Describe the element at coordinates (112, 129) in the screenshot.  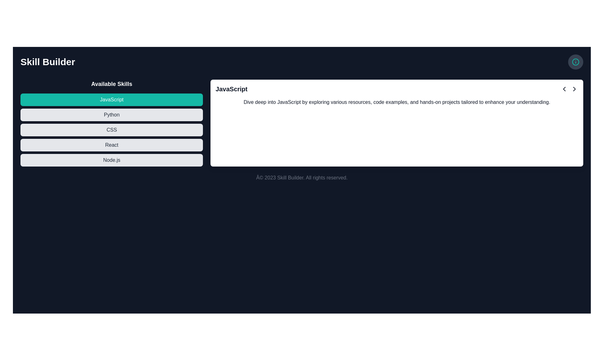
I see `the 'CSS' button in the vertical list of skills` at that location.